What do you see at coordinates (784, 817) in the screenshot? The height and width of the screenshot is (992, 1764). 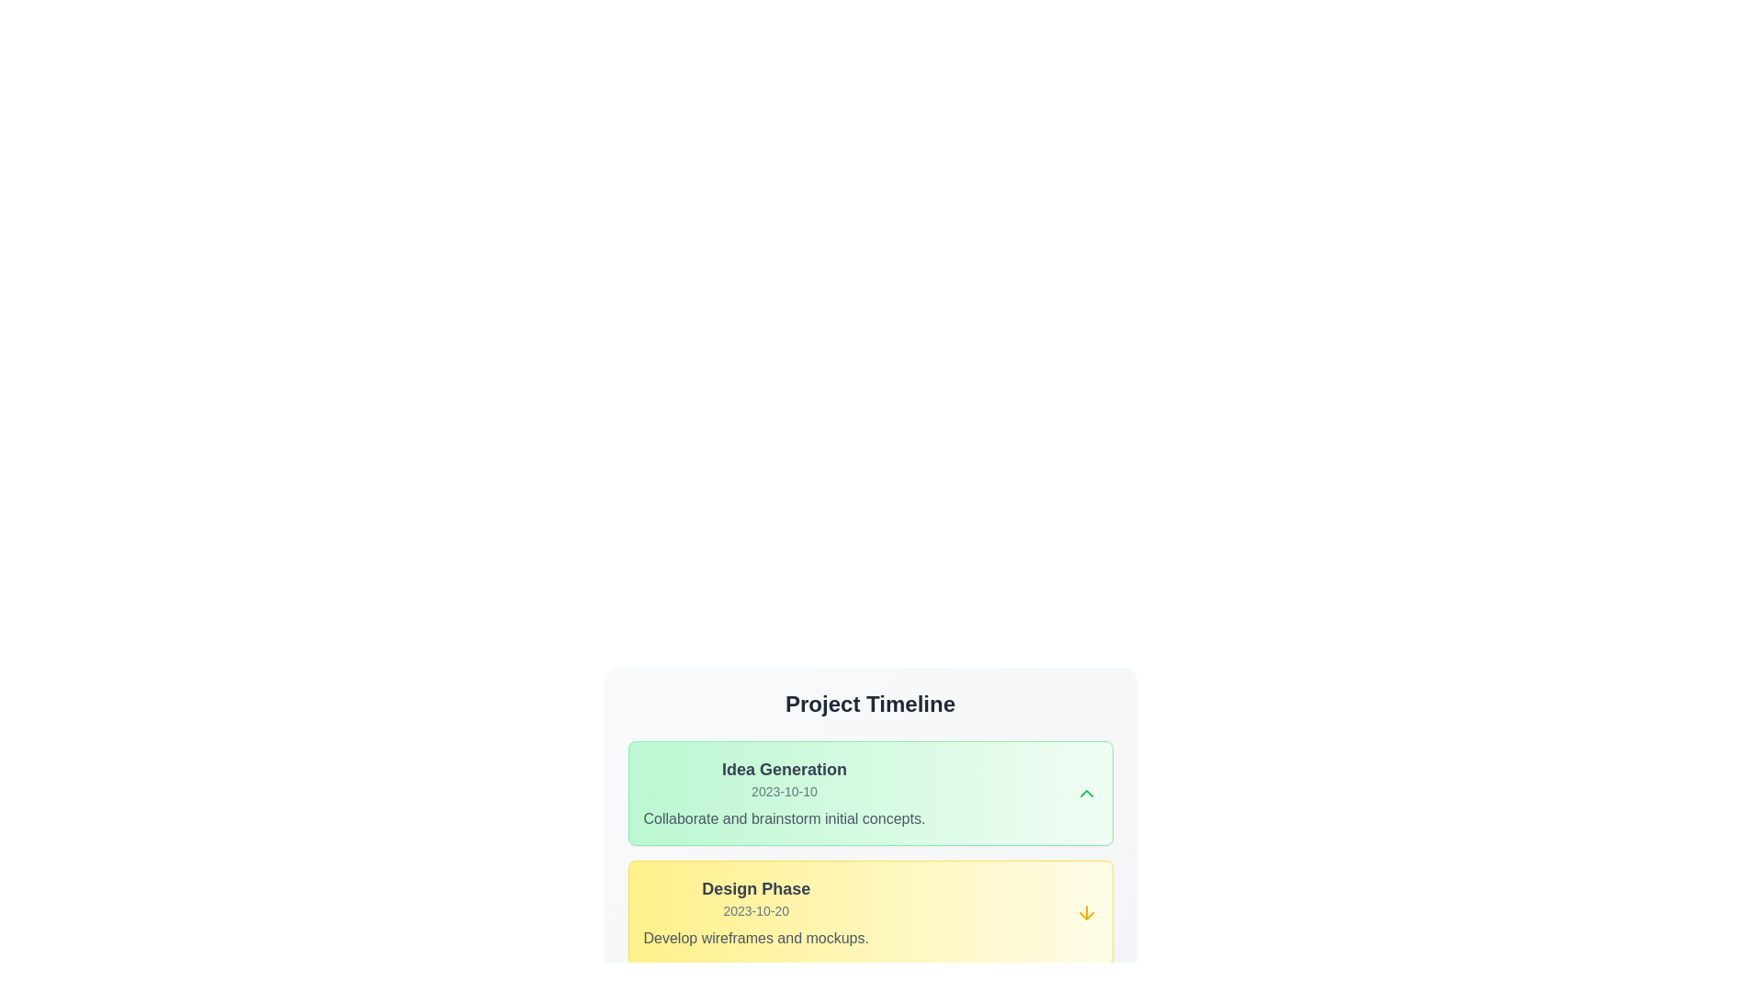 I see `the static text label displaying 'Collaborate and brainstorm initial concepts.'` at bounding box center [784, 817].